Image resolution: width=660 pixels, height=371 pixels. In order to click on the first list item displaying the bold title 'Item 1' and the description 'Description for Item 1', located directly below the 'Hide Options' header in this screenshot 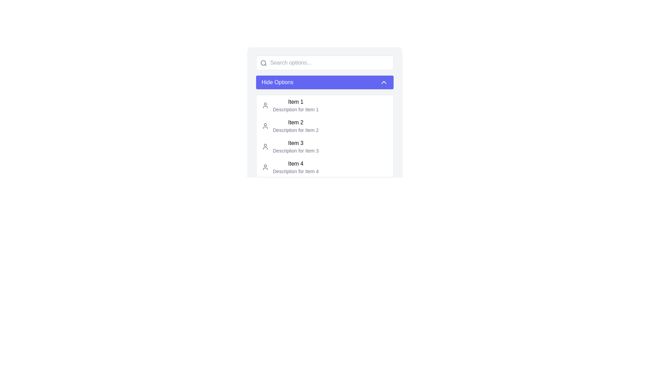, I will do `click(296, 105)`.